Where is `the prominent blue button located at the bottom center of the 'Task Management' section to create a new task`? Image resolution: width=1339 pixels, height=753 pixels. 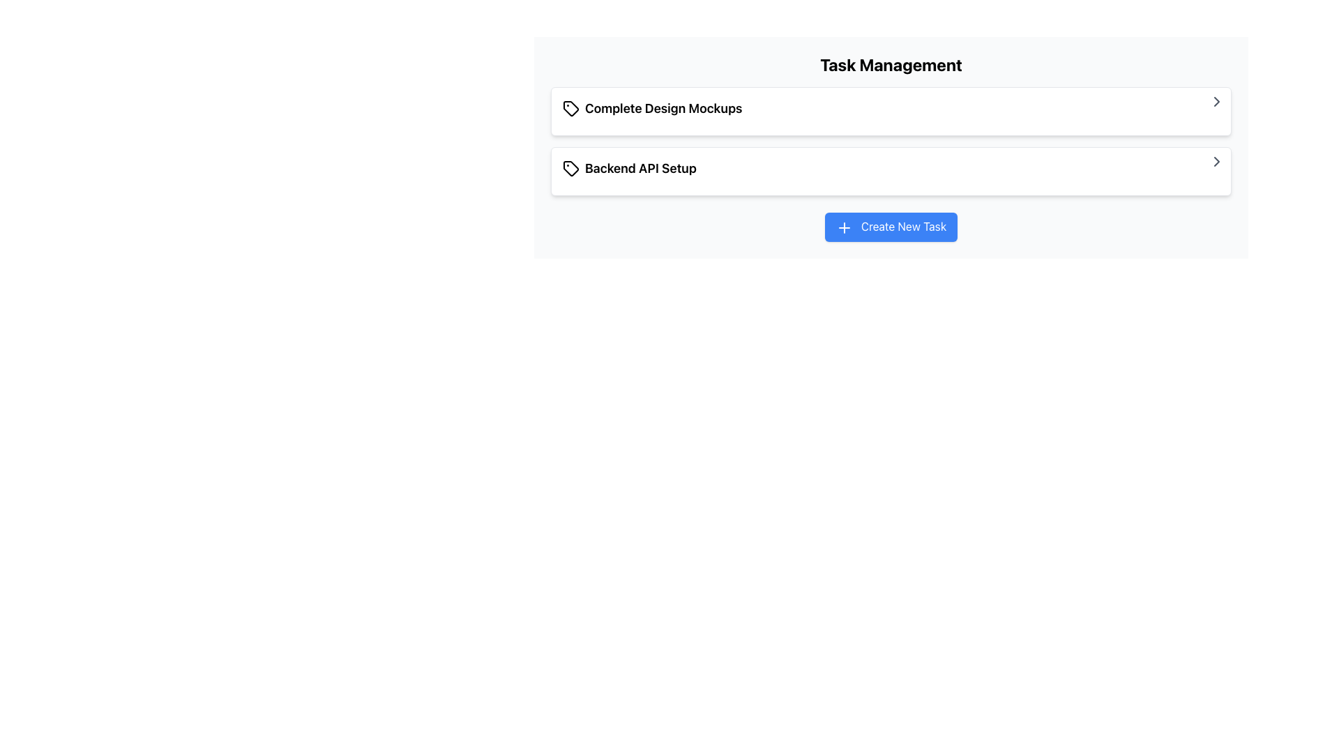 the prominent blue button located at the bottom center of the 'Task Management' section to create a new task is located at coordinates (890, 226).